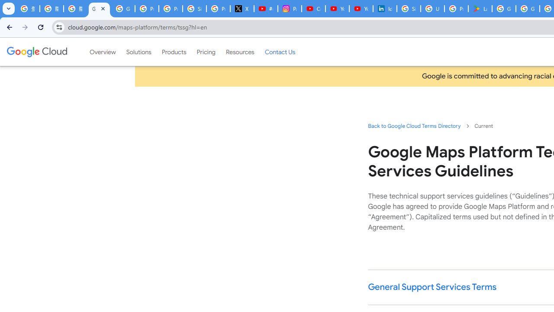 This screenshot has width=554, height=312. I want to click on 'Pricing', so click(206, 52).